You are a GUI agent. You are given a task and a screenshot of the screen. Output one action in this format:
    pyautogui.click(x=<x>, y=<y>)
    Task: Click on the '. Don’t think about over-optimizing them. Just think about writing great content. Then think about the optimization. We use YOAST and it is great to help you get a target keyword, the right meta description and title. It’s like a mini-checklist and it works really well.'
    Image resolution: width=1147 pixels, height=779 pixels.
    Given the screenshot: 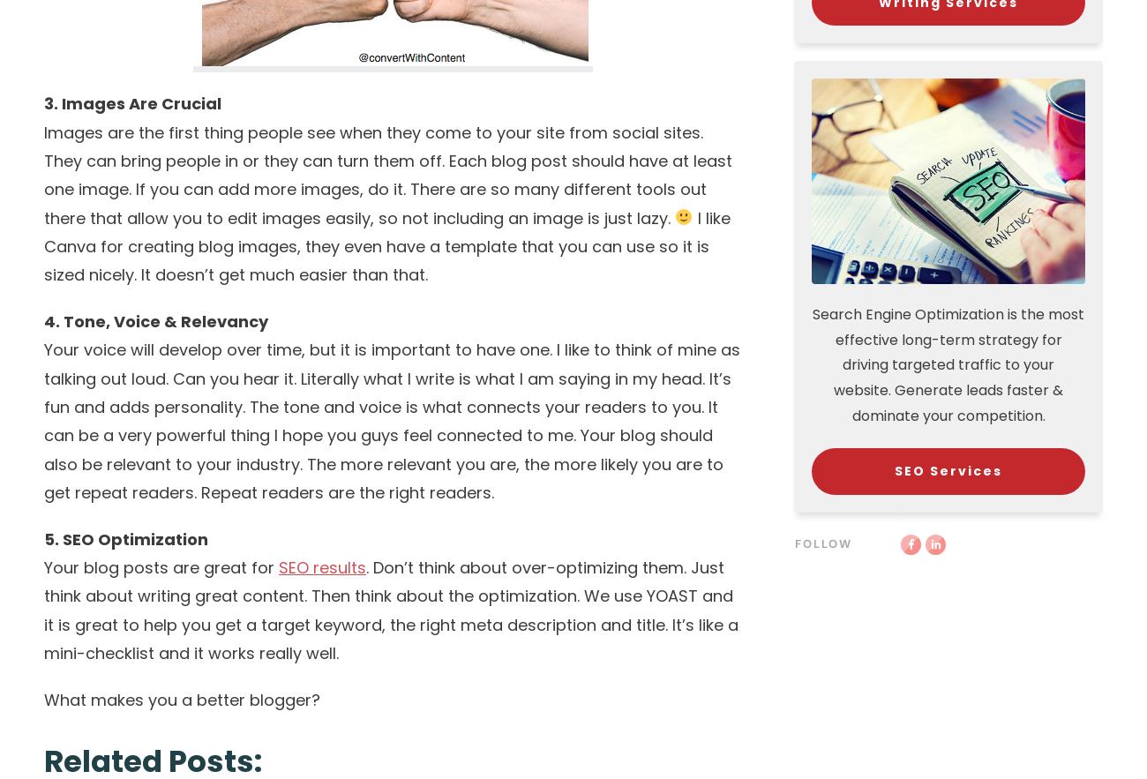 What is the action you would take?
    pyautogui.click(x=390, y=610)
    